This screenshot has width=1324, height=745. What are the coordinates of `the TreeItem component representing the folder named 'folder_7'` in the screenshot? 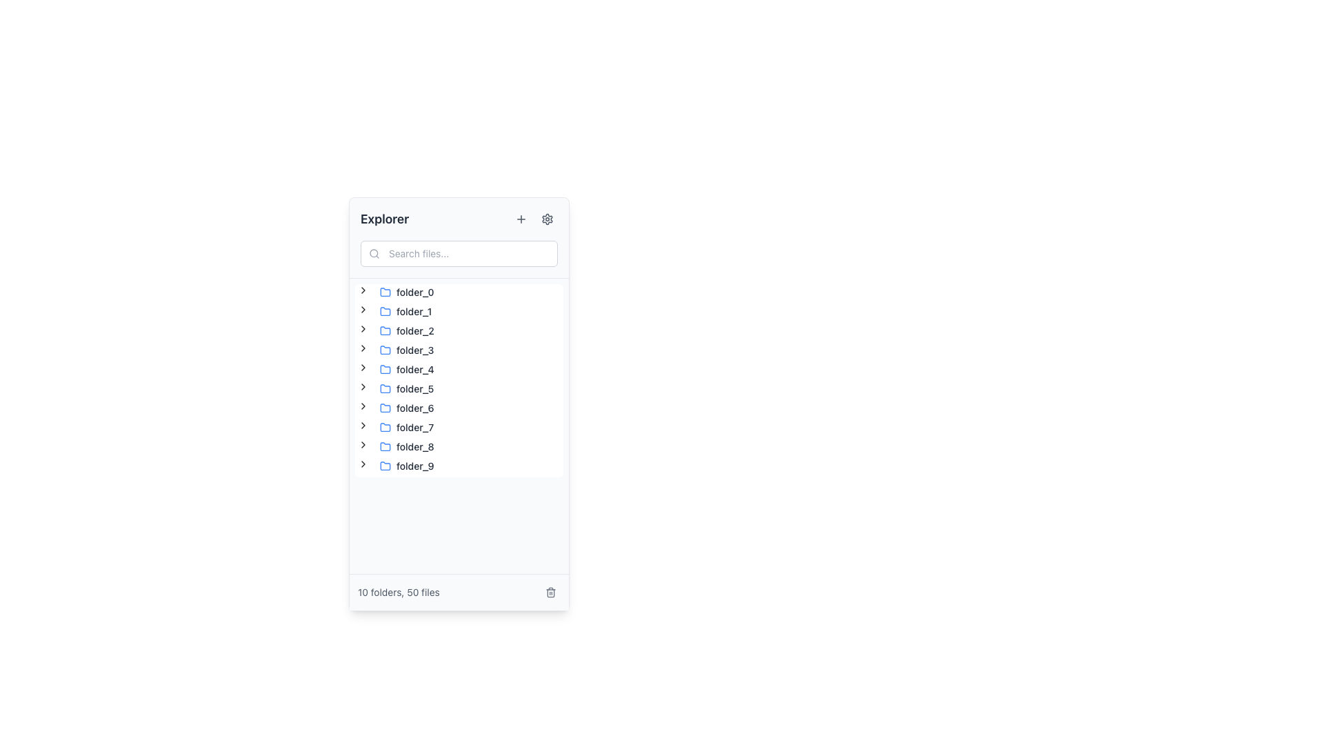 It's located at (397, 427).